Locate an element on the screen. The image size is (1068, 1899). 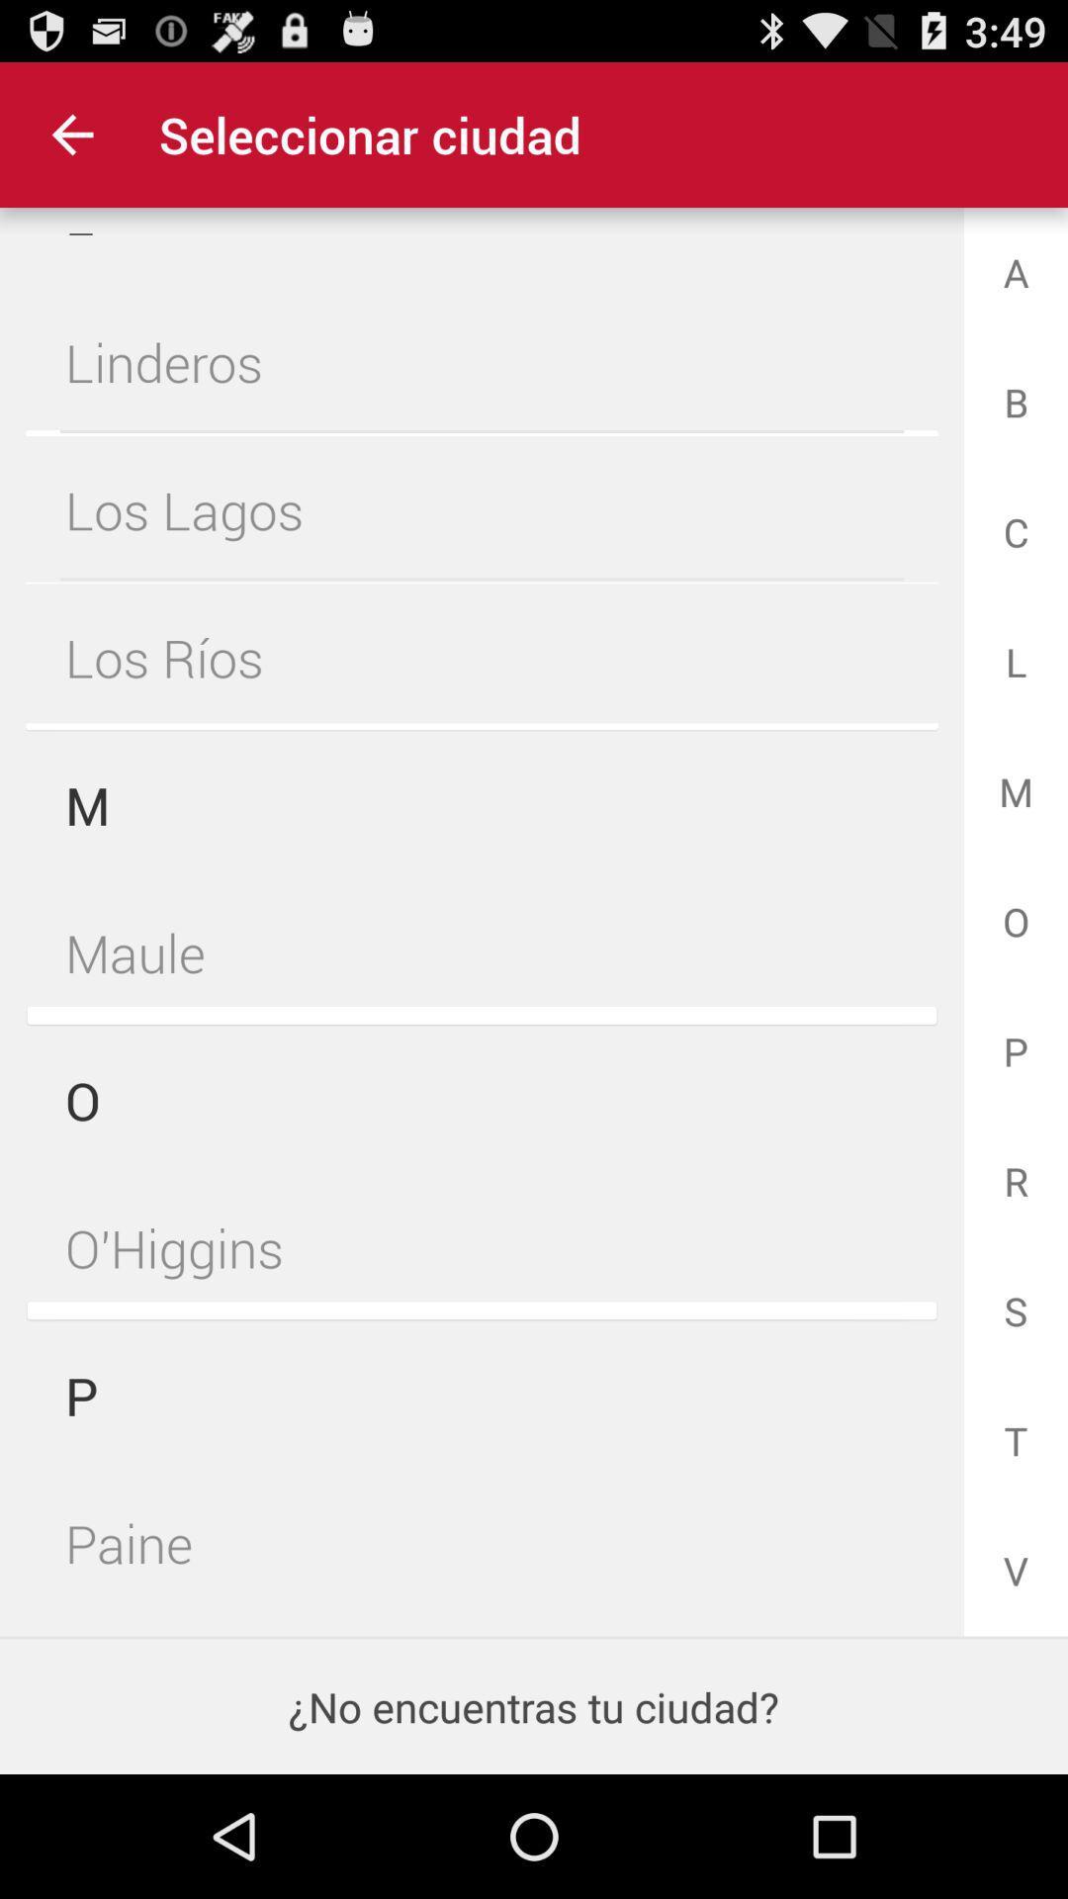
item at the top left corner is located at coordinates (71, 134).